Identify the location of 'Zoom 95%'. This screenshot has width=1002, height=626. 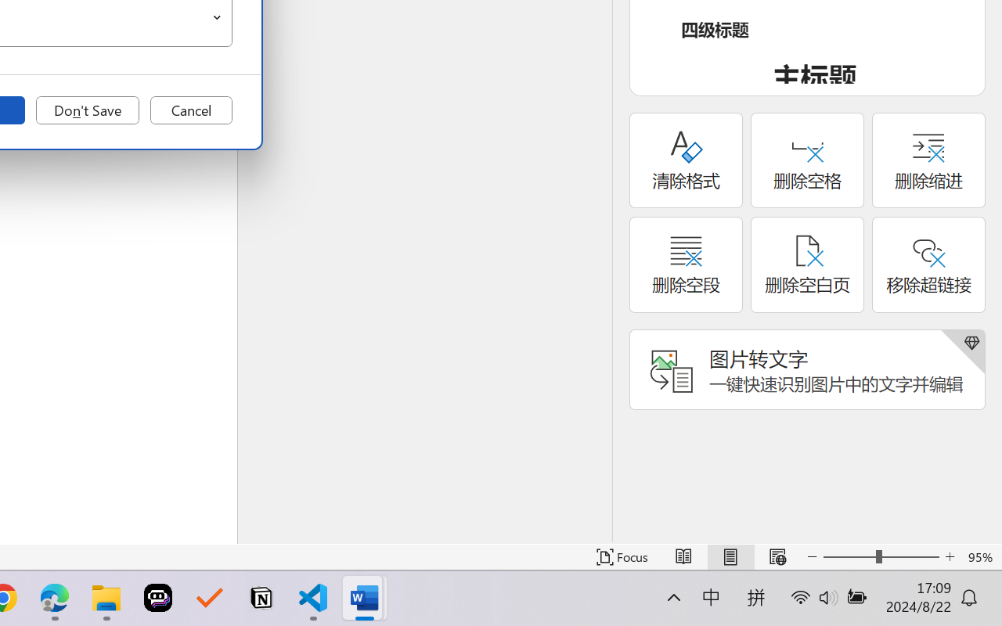
(980, 556).